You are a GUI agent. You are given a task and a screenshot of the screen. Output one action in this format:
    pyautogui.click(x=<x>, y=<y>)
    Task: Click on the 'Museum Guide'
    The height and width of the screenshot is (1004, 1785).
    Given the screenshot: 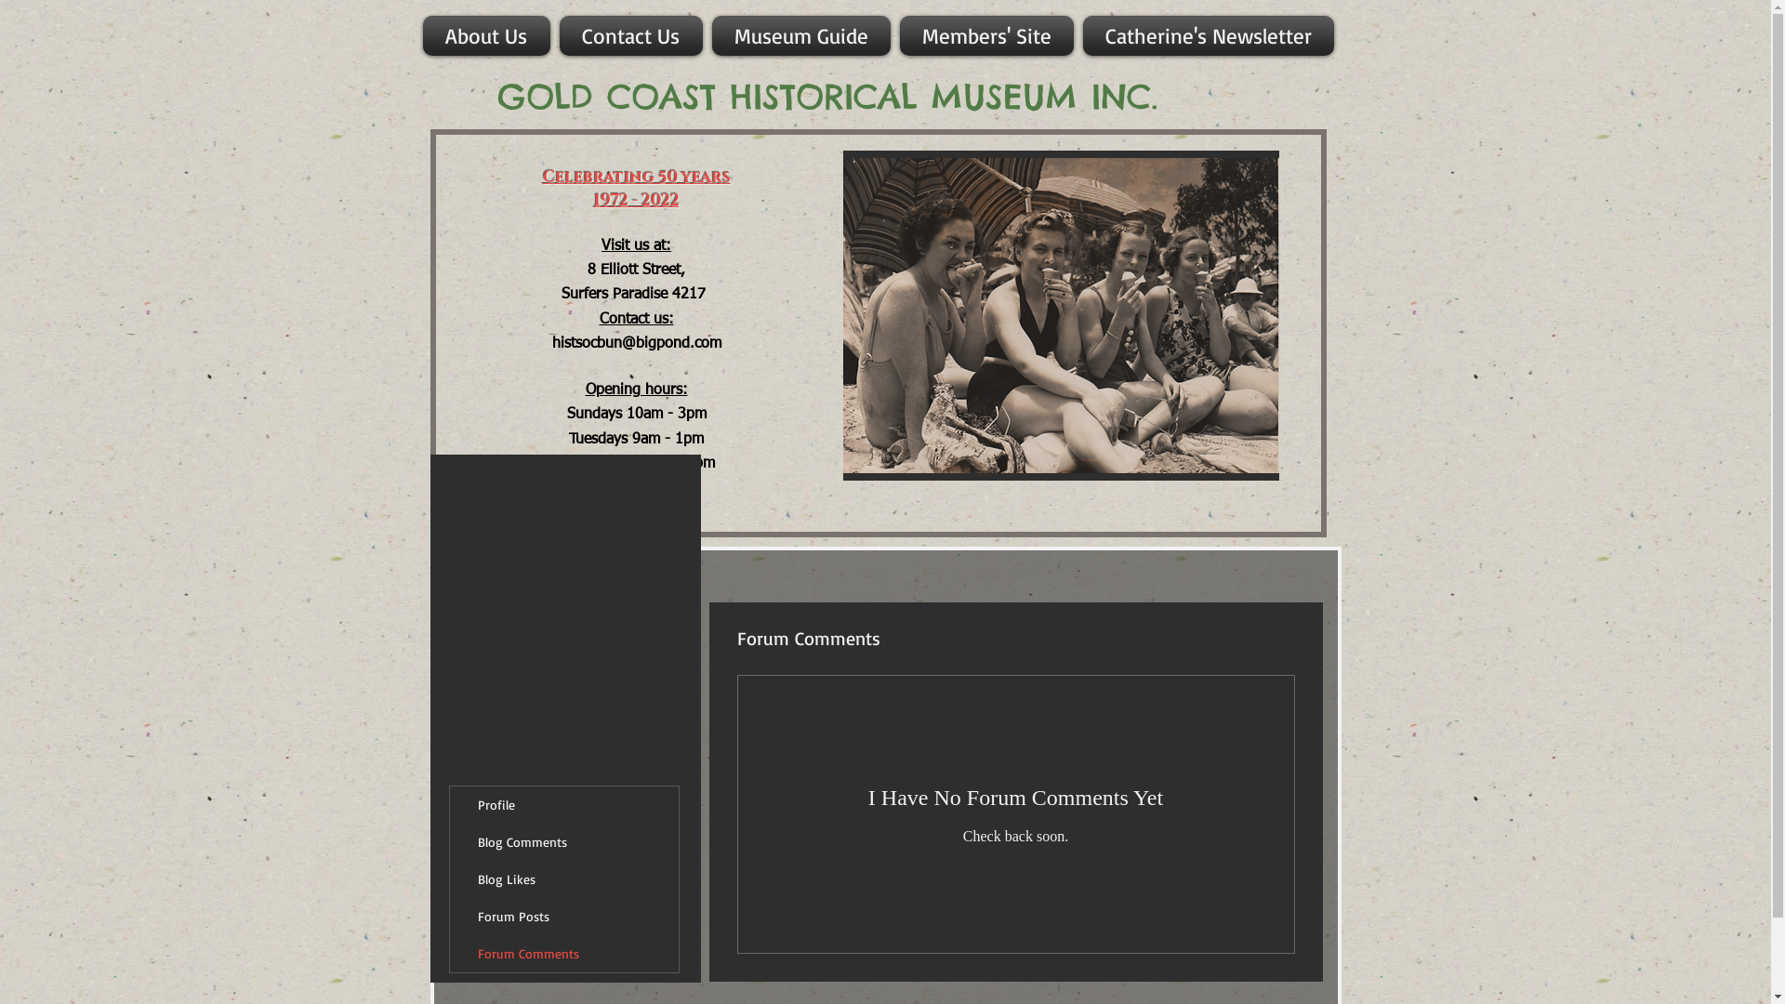 What is the action you would take?
    pyautogui.click(x=800, y=35)
    